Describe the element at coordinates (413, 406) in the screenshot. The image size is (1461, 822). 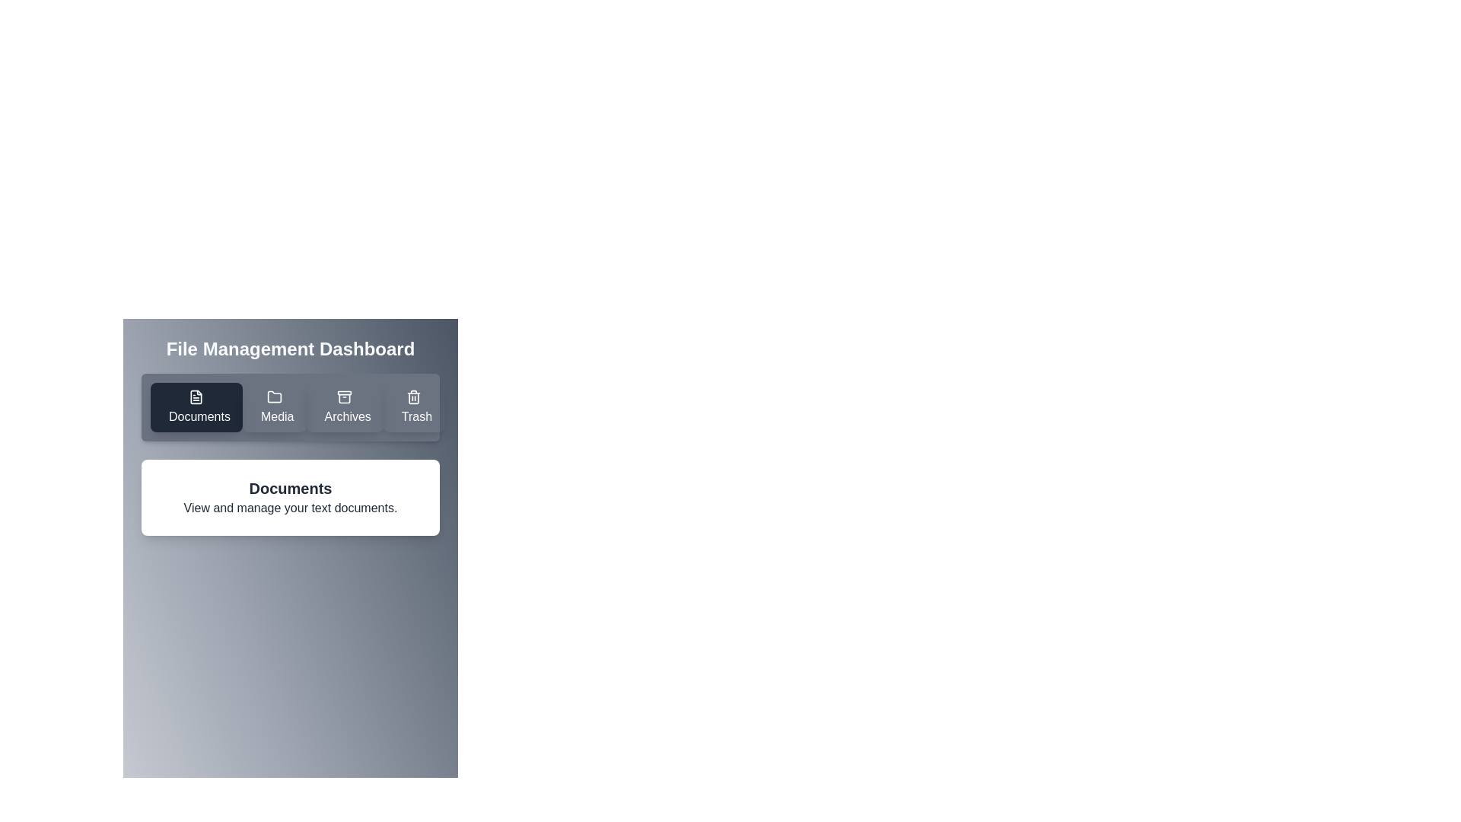
I see `the Trash tab by clicking on its button` at that location.